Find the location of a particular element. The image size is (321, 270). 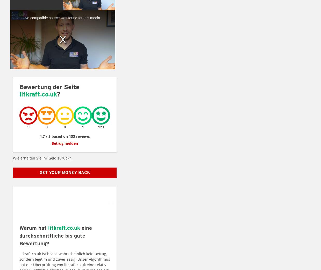

'Wie erhalten Sie Ihr Geld zurück?' is located at coordinates (42, 158).